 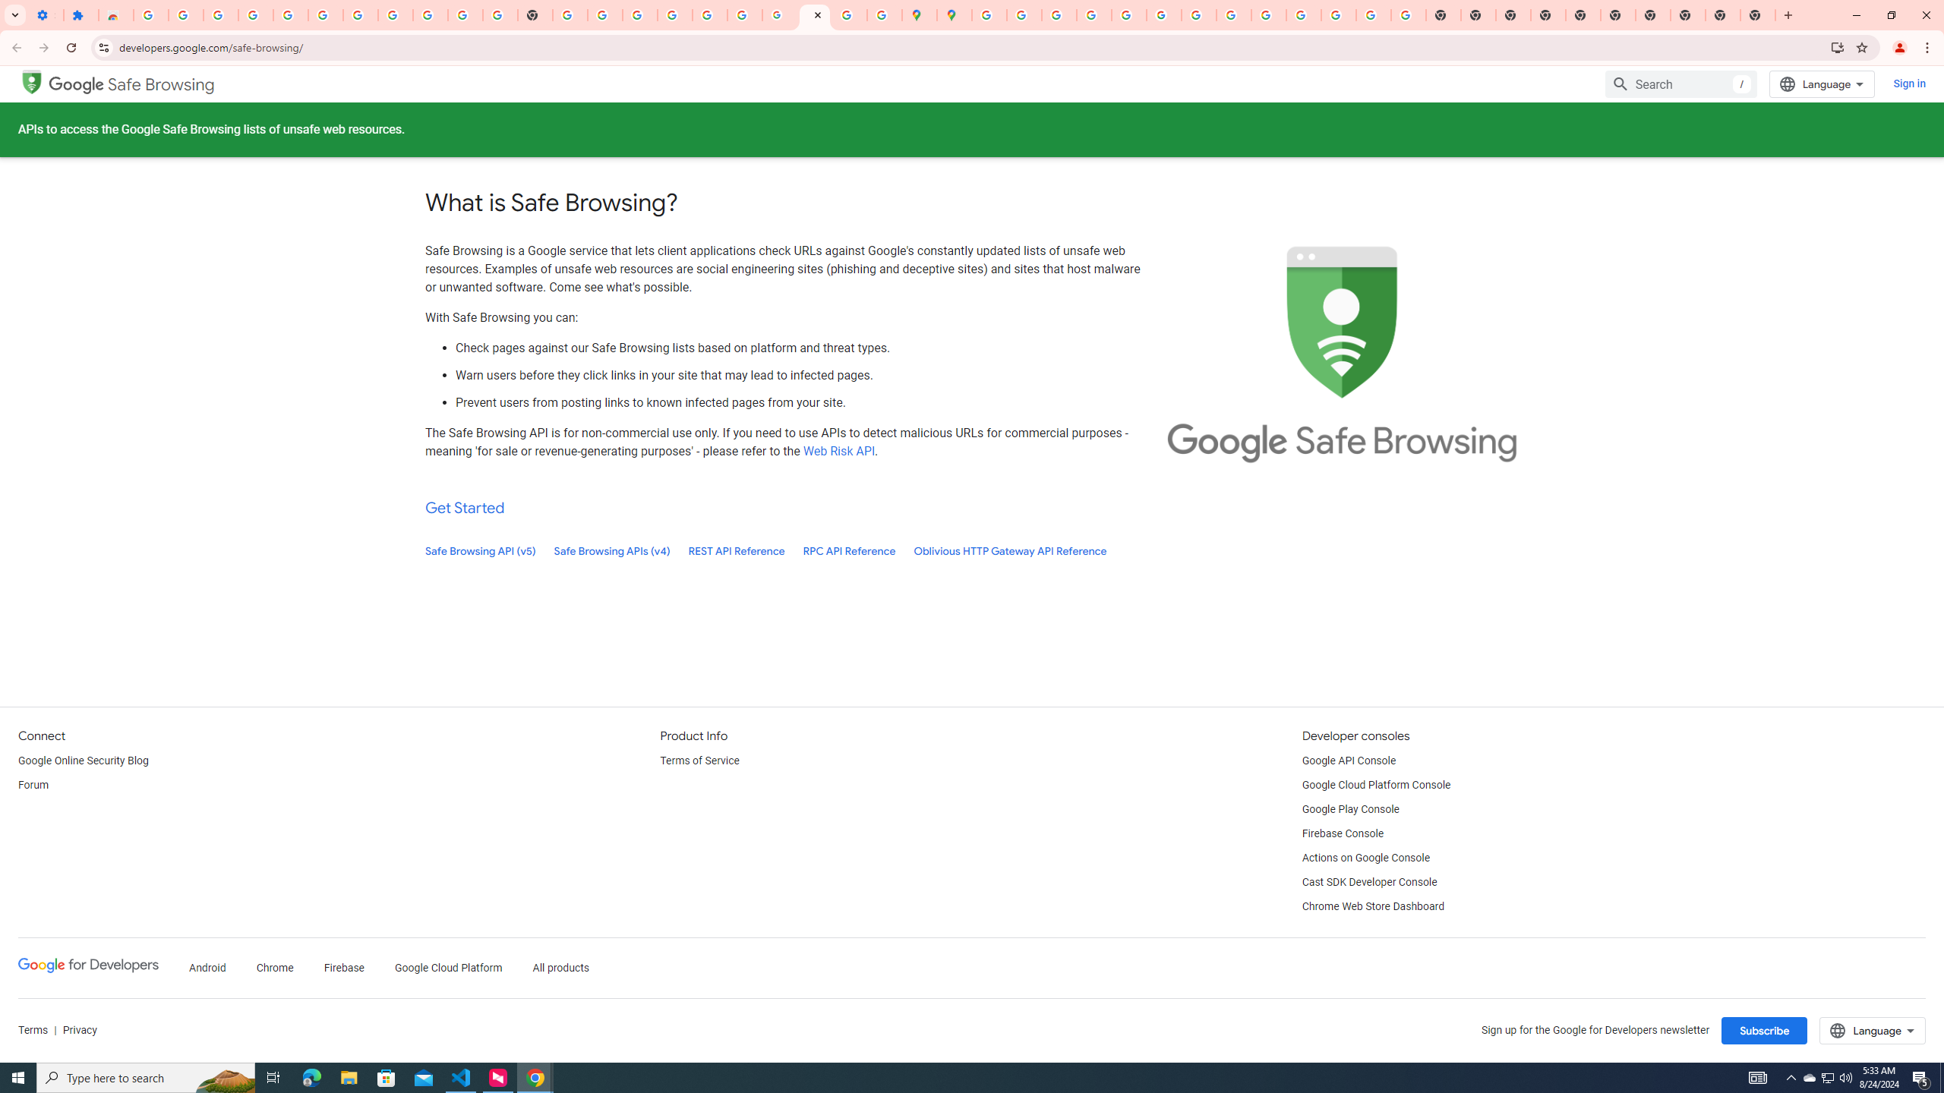 What do you see at coordinates (1372, 906) in the screenshot?
I see `'Chrome Web Store Dashboard'` at bounding box center [1372, 906].